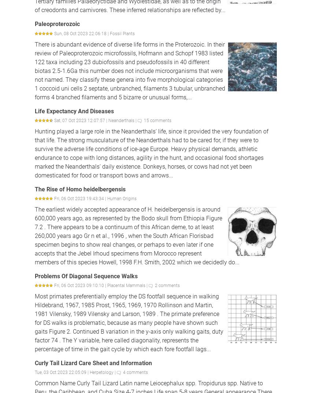 This screenshot has width=331, height=393. What do you see at coordinates (81, 286) in the screenshot?
I see `'Fri, 06 Oct 2023 09:10:10                                    |'` at bounding box center [81, 286].